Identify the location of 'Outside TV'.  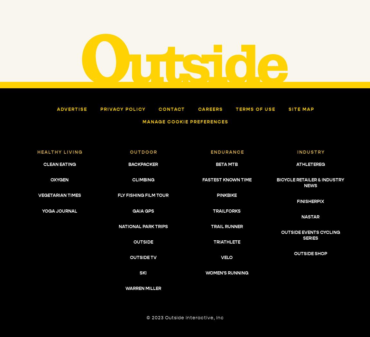
(143, 257).